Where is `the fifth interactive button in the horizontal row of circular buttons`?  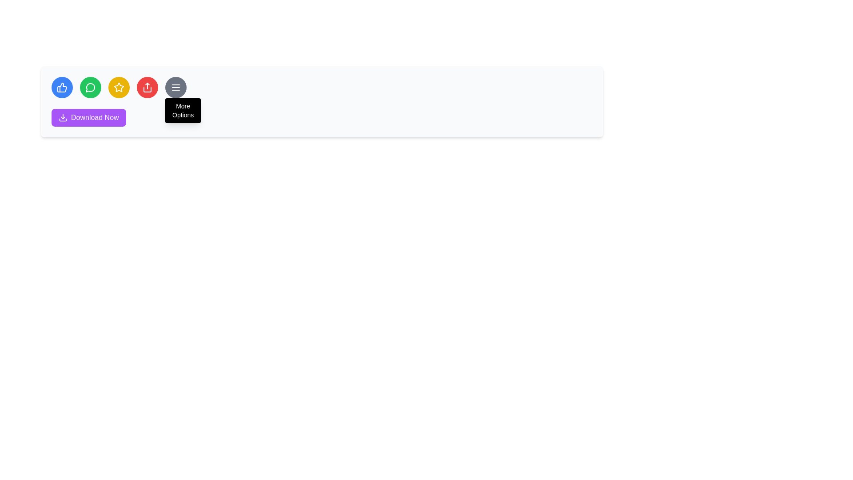
the fifth interactive button in the horizontal row of circular buttons is located at coordinates (147, 87).